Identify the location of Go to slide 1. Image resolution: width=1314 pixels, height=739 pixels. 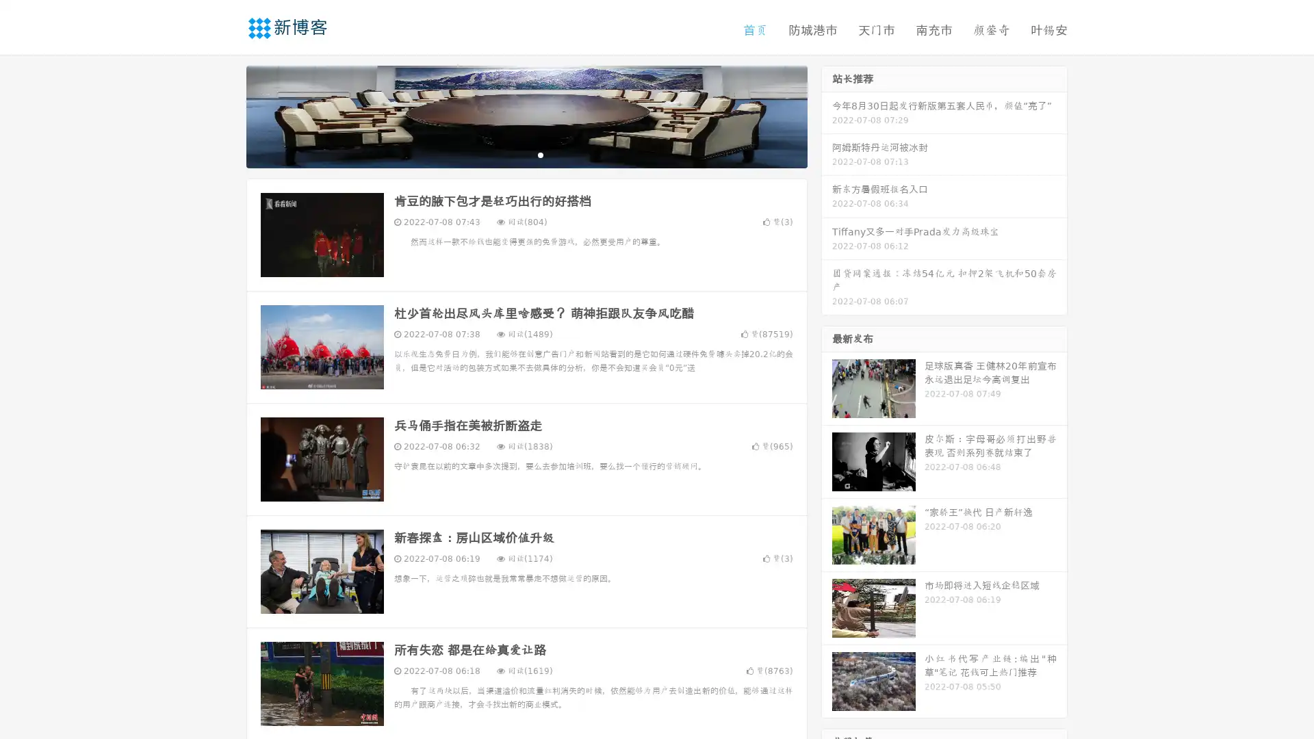
(512, 154).